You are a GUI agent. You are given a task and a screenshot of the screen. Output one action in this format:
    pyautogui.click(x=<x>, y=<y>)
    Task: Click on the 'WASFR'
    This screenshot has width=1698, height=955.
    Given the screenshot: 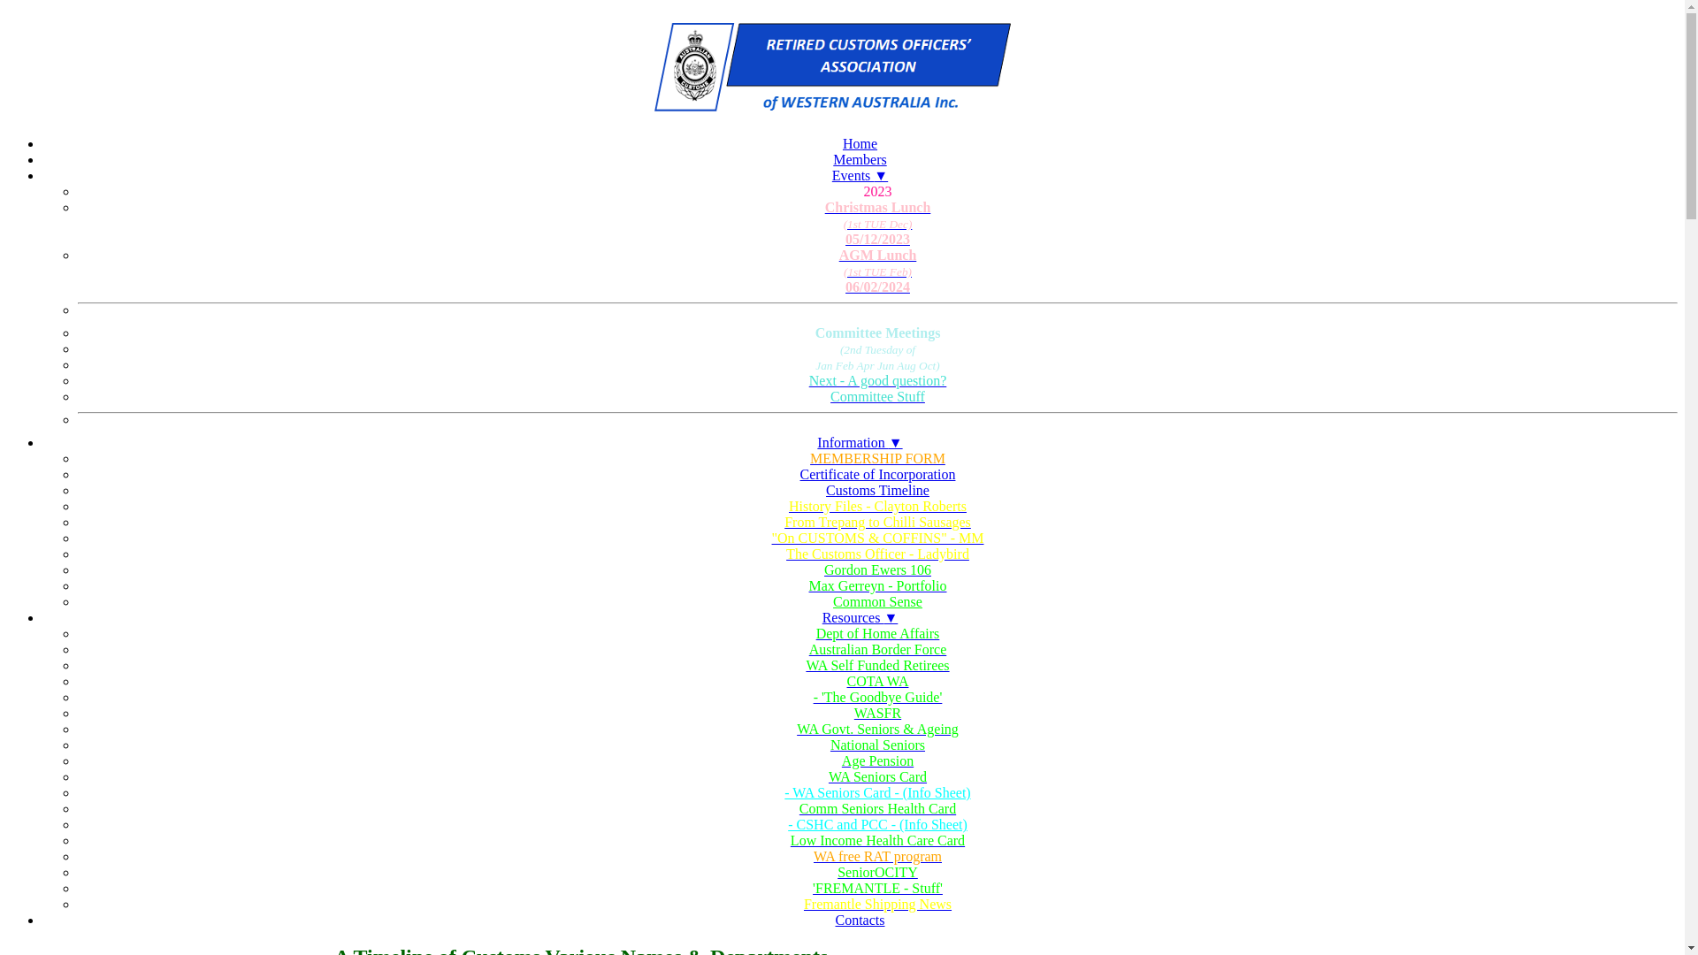 What is the action you would take?
    pyautogui.click(x=877, y=712)
    